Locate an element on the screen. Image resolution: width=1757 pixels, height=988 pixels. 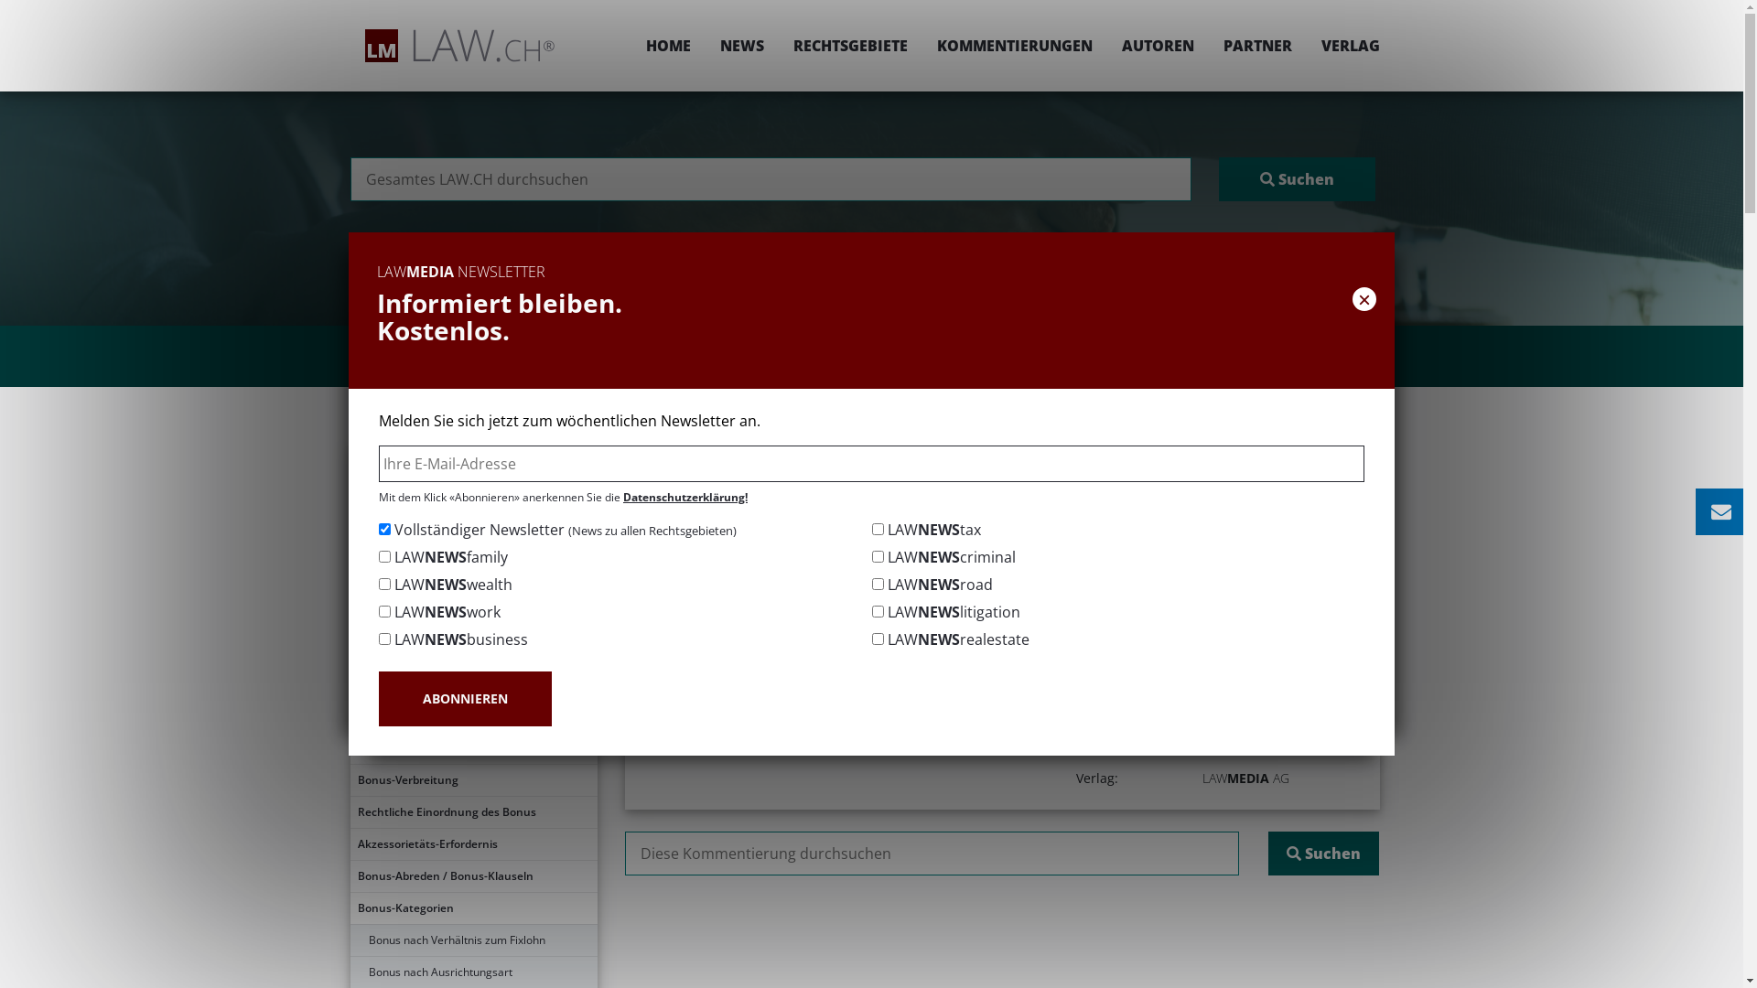
'Bonus-Kultur' is located at coordinates (473, 715).